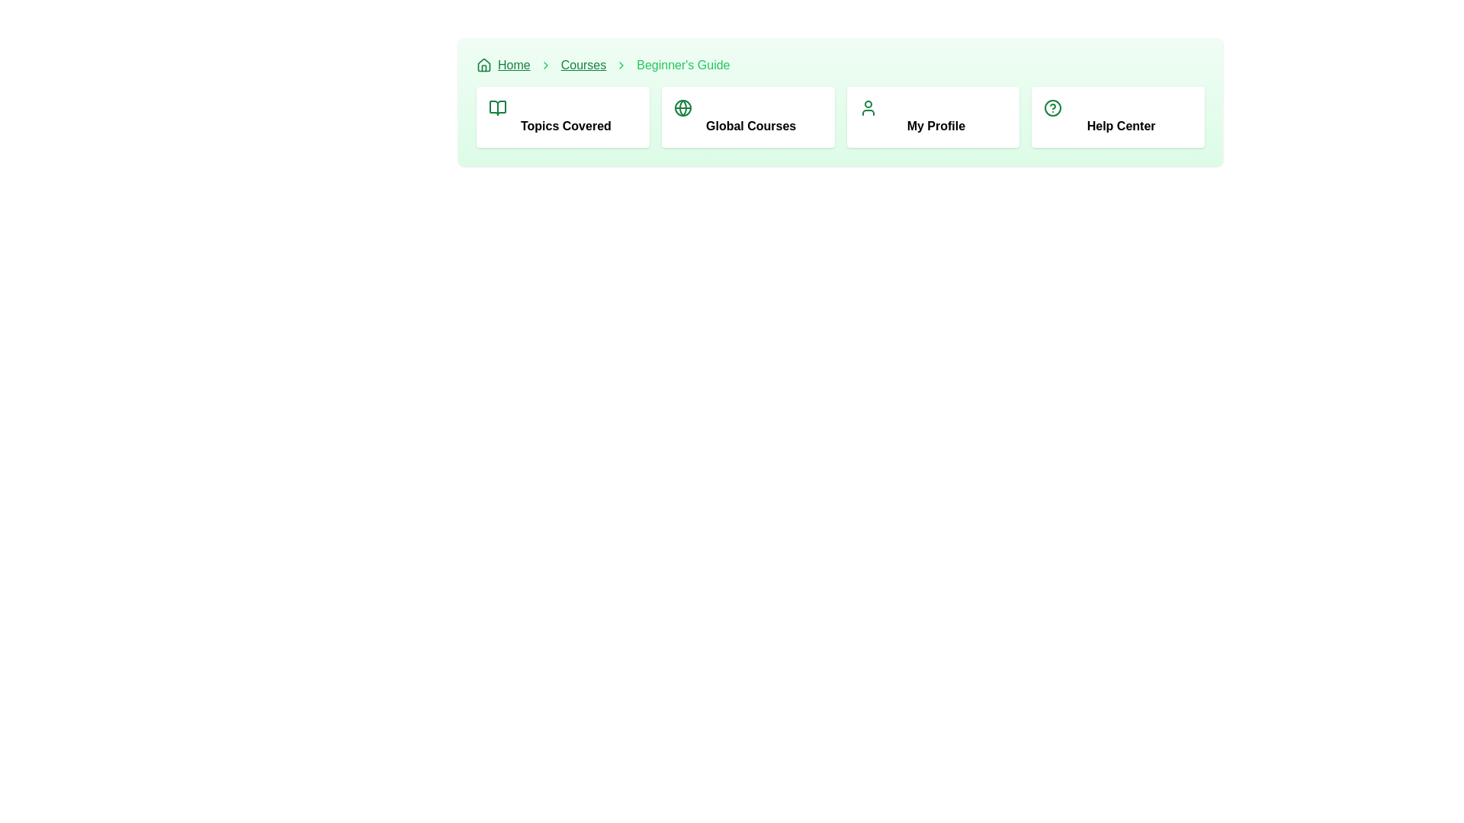 Image resolution: width=1464 pixels, height=823 pixels. Describe the element at coordinates (682, 107) in the screenshot. I see `attributes of the SVG circle element that represents the Earth in the 'Global Courses' icon, located in the second block of the upper section of the interface` at that location.